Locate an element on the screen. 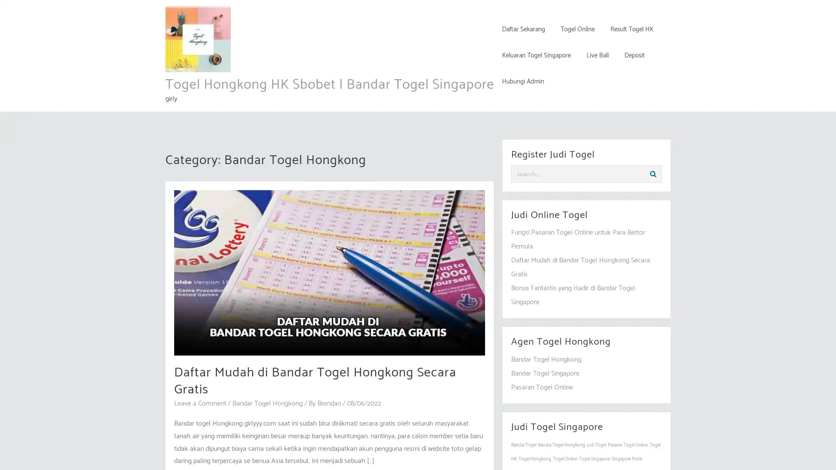 The image size is (836, 470). Search is located at coordinates (653, 174).